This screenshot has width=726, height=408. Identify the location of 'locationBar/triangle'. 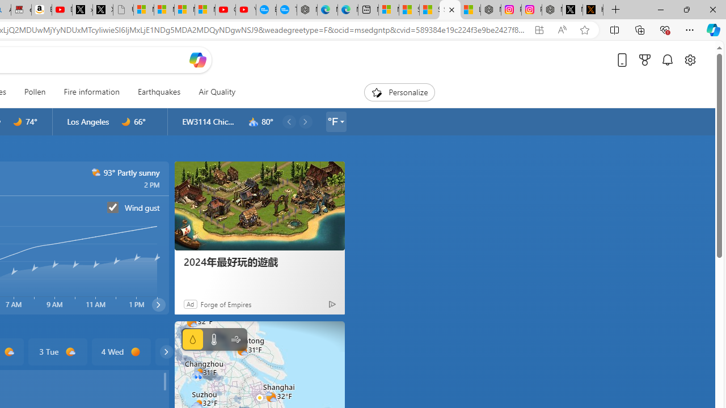
(341, 121).